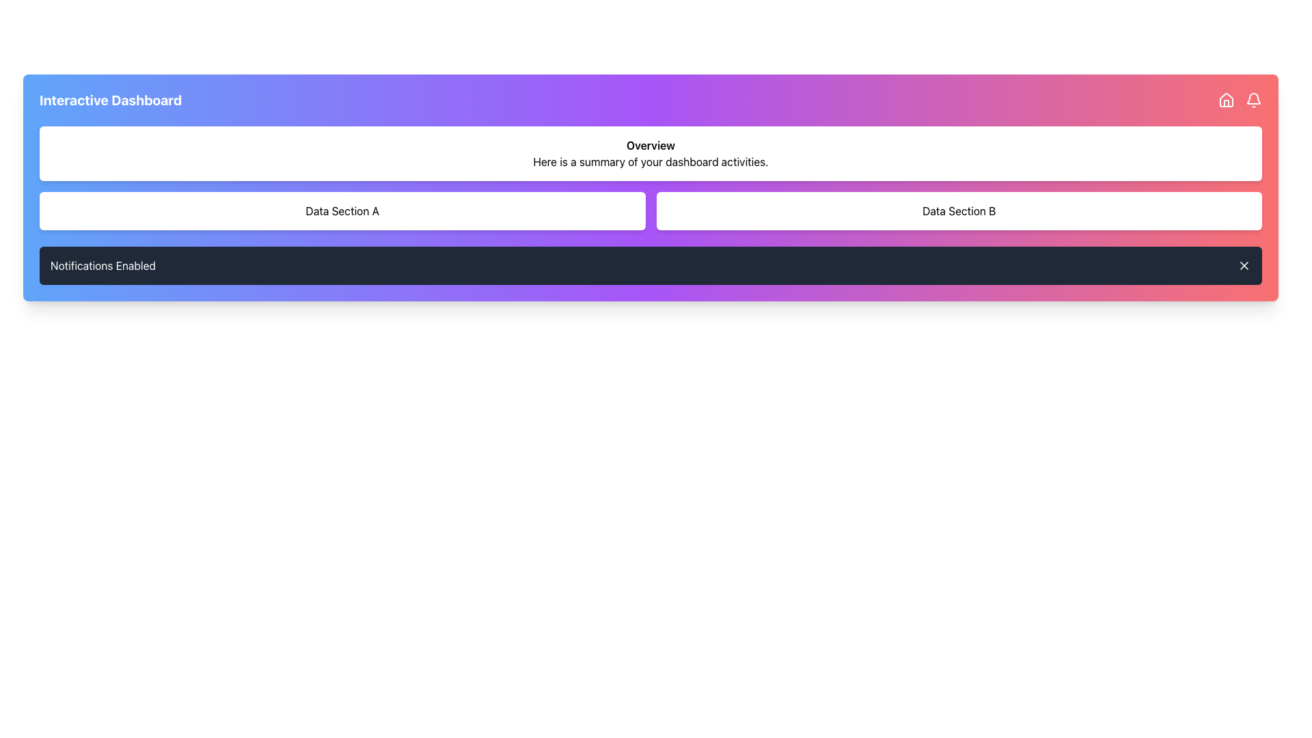 Image resolution: width=1312 pixels, height=738 pixels. What do you see at coordinates (102, 266) in the screenshot?
I see `the Text Label that indicates notifications are currently enabled, located on the left side of a dark gray panel near the bottom of the visible content zone` at bounding box center [102, 266].